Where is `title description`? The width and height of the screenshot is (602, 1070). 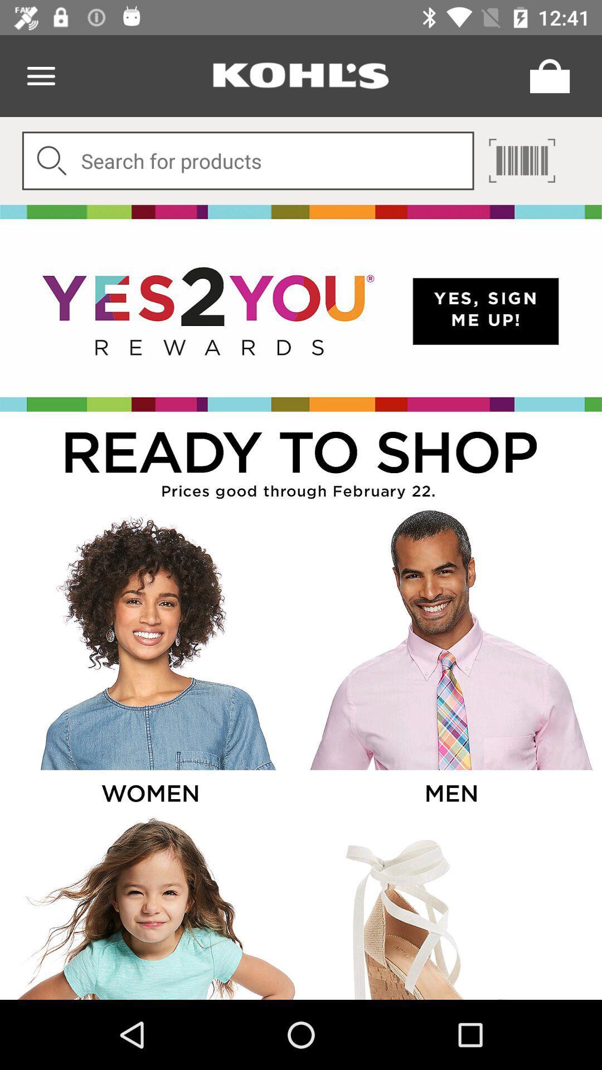
title description is located at coordinates (301, 459).